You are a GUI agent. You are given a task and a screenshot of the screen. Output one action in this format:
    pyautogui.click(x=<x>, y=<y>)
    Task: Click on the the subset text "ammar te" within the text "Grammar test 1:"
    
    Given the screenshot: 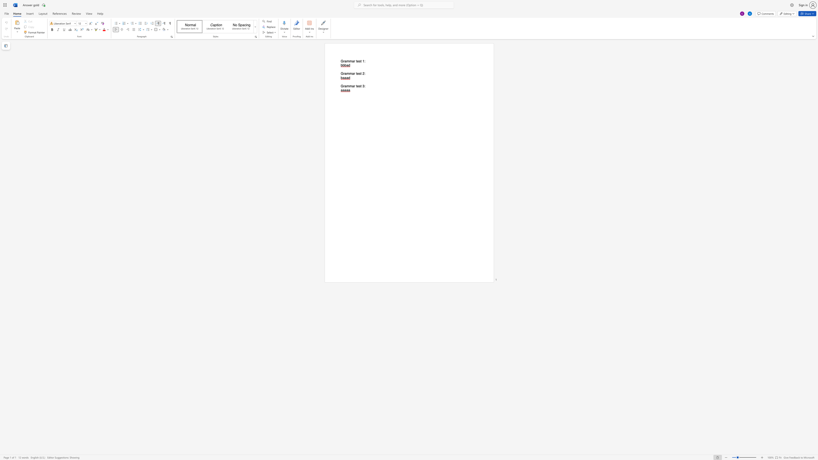 What is the action you would take?
    pyautogui.click(x=344, y=61)
    